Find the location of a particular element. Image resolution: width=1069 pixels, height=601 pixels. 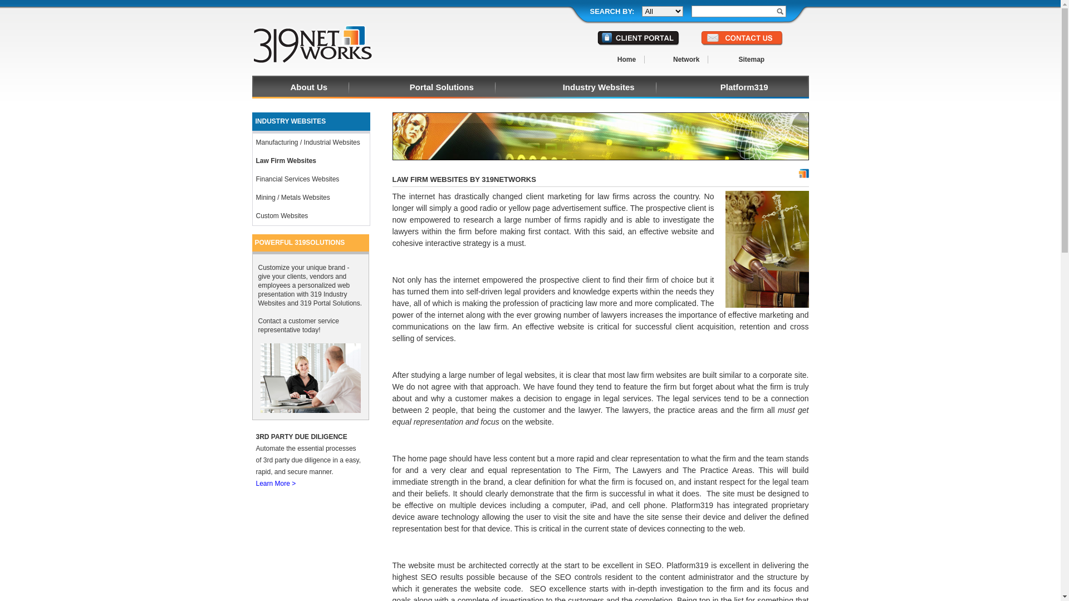

'Industry Websites' is located at coordinates (540, 89).